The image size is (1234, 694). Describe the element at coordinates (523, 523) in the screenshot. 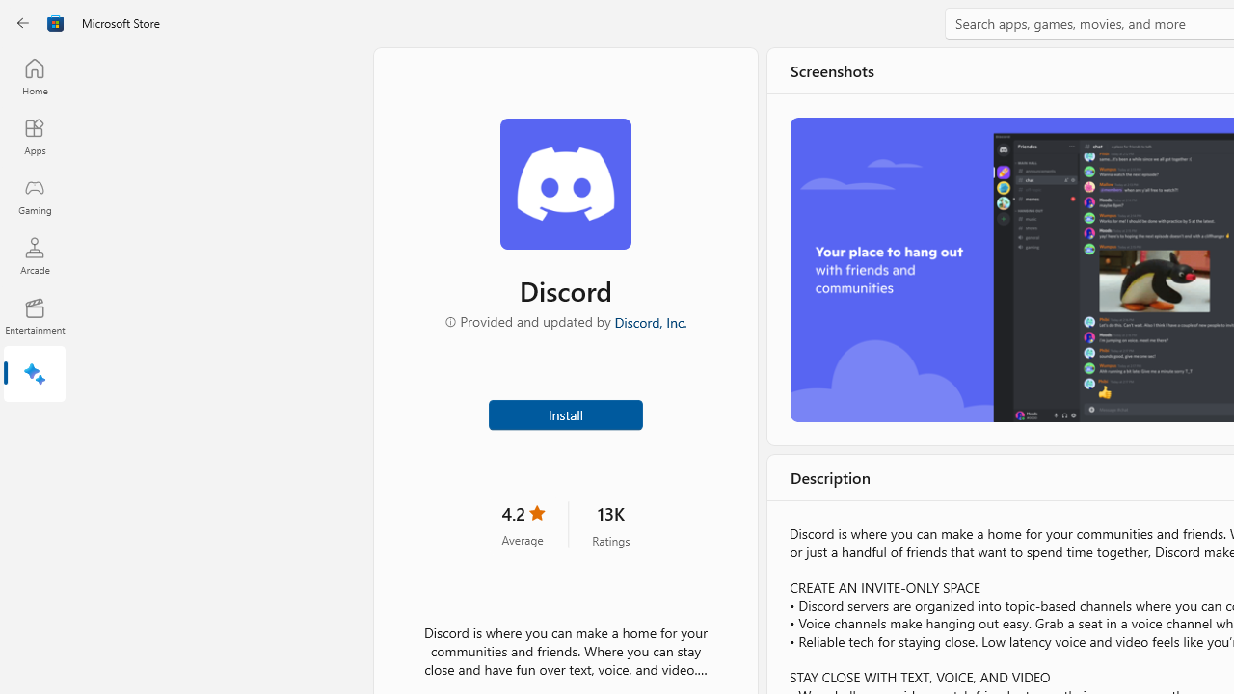

I see `'4.2 stars. Click to skip to ratings and reviews'` at that location.